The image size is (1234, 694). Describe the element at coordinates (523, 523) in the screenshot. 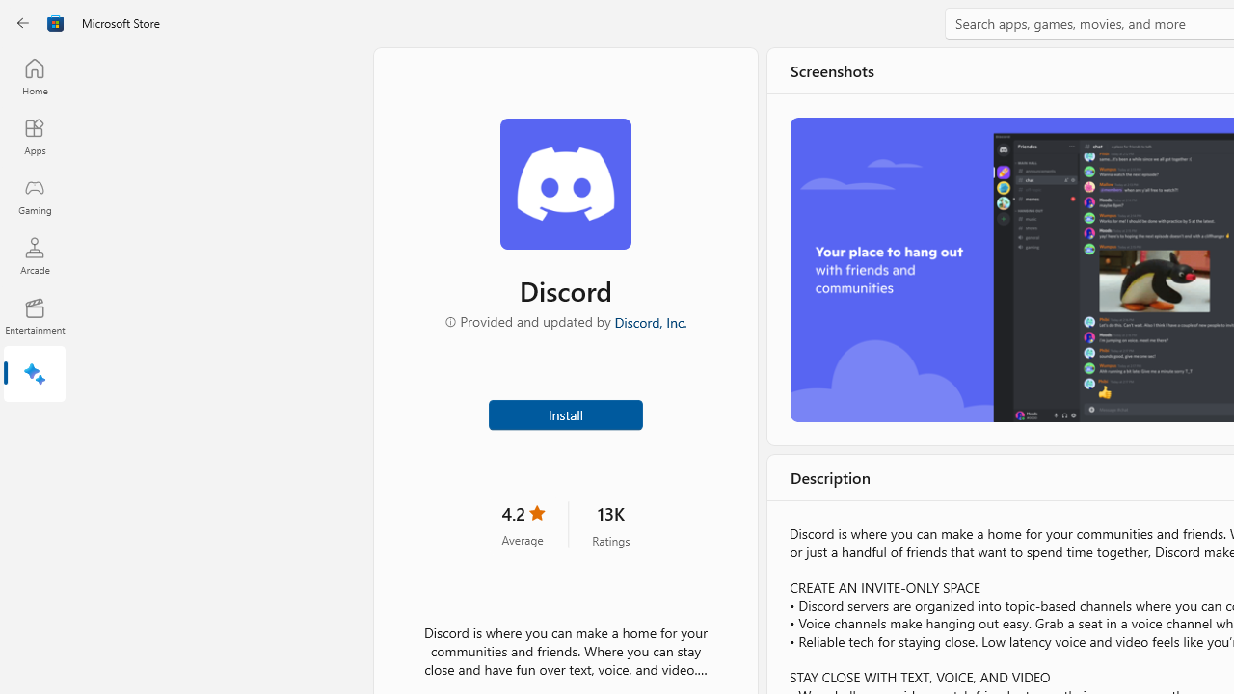

I see `'4.2 stars. Click to skip to ratings and reviews'` at that location.